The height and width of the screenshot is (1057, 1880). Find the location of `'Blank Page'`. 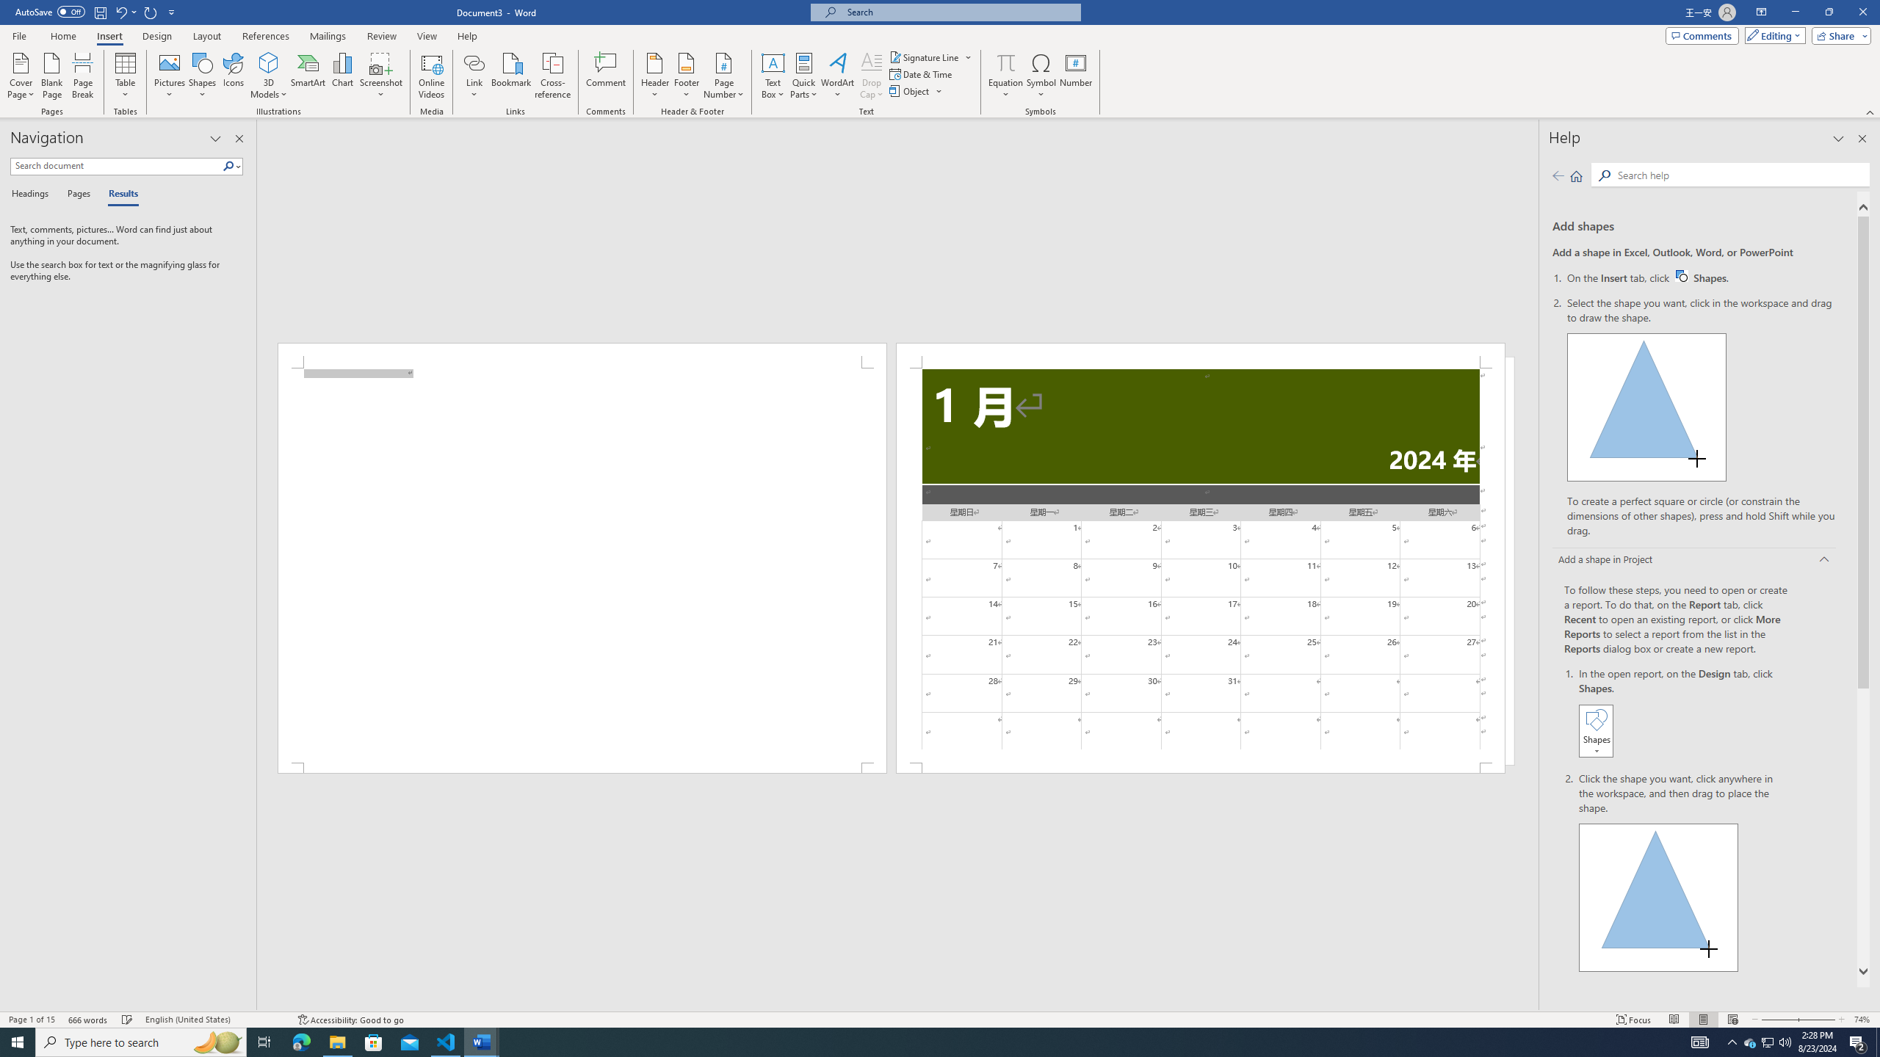

'Blank Page' is located at coordinates (51, 76).